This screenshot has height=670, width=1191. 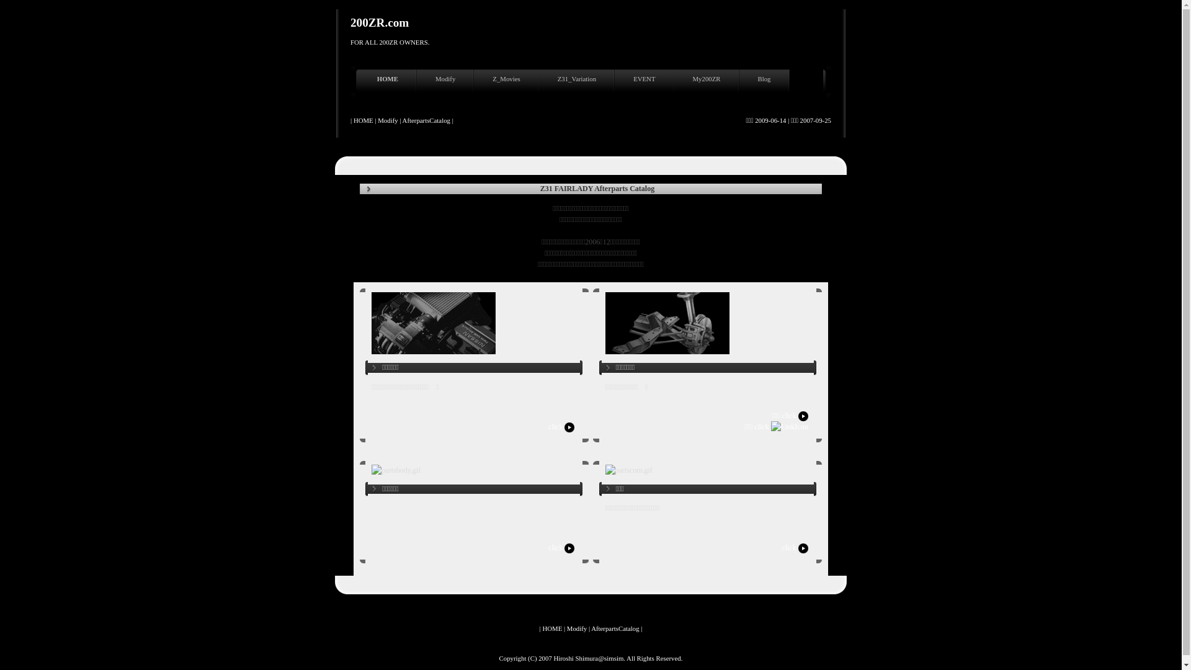 What do you see at coordinates (507, 81) in the screenshot?
I see `'Z_Movies'` at bounding box center [507, 81].